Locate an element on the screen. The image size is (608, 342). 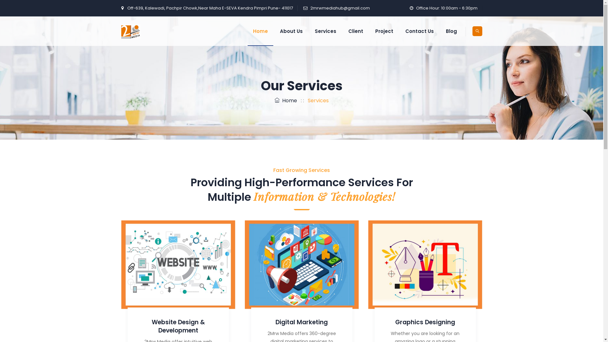
'Blog' is located at coordinates (440, 31).